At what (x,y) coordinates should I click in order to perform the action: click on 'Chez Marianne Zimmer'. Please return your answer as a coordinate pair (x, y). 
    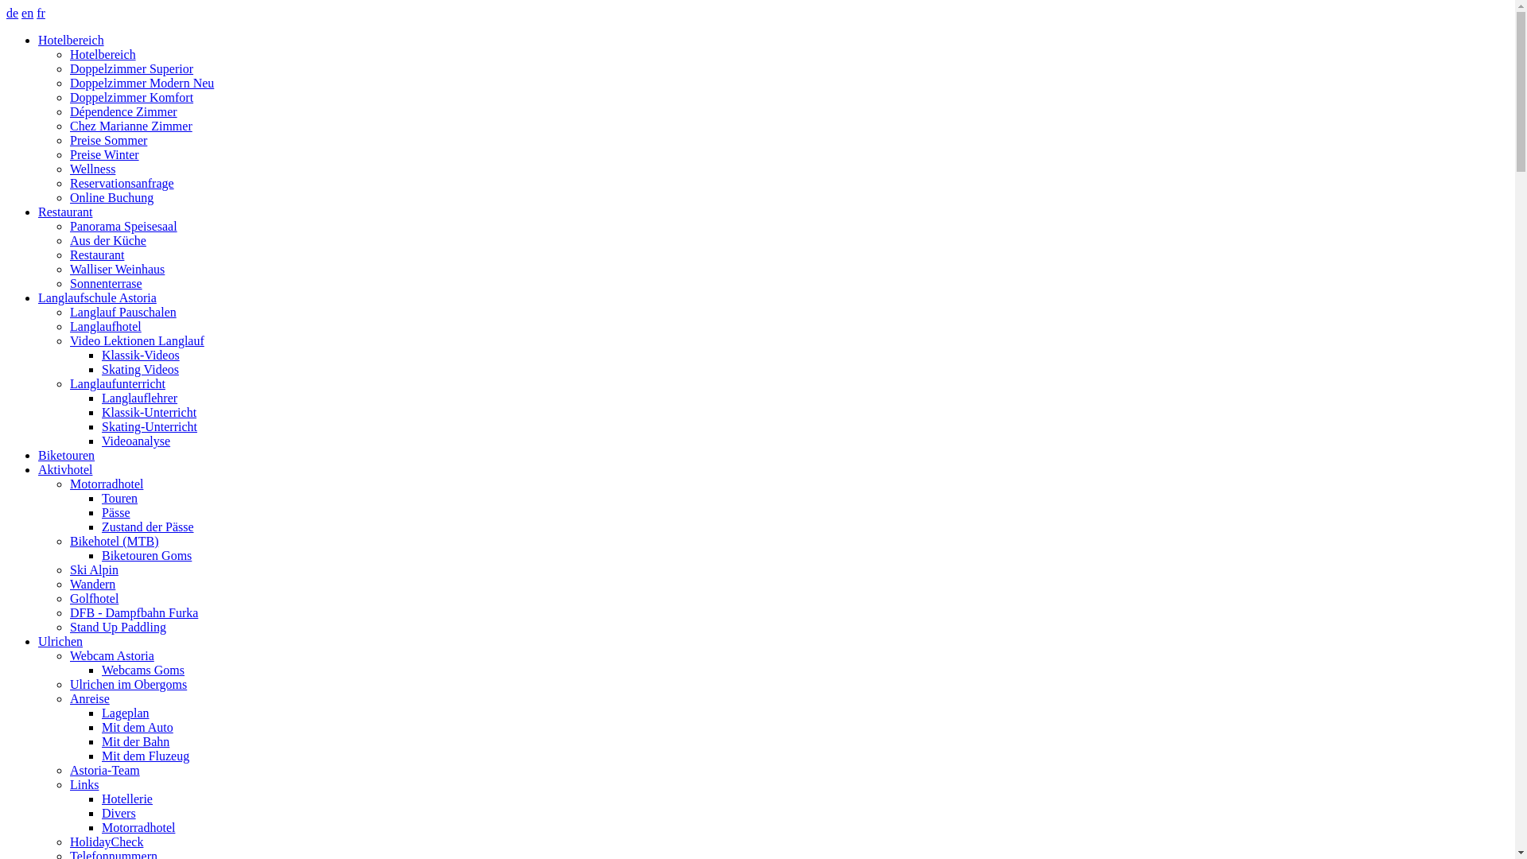
    Looking at the image, I should click on (130, 125).